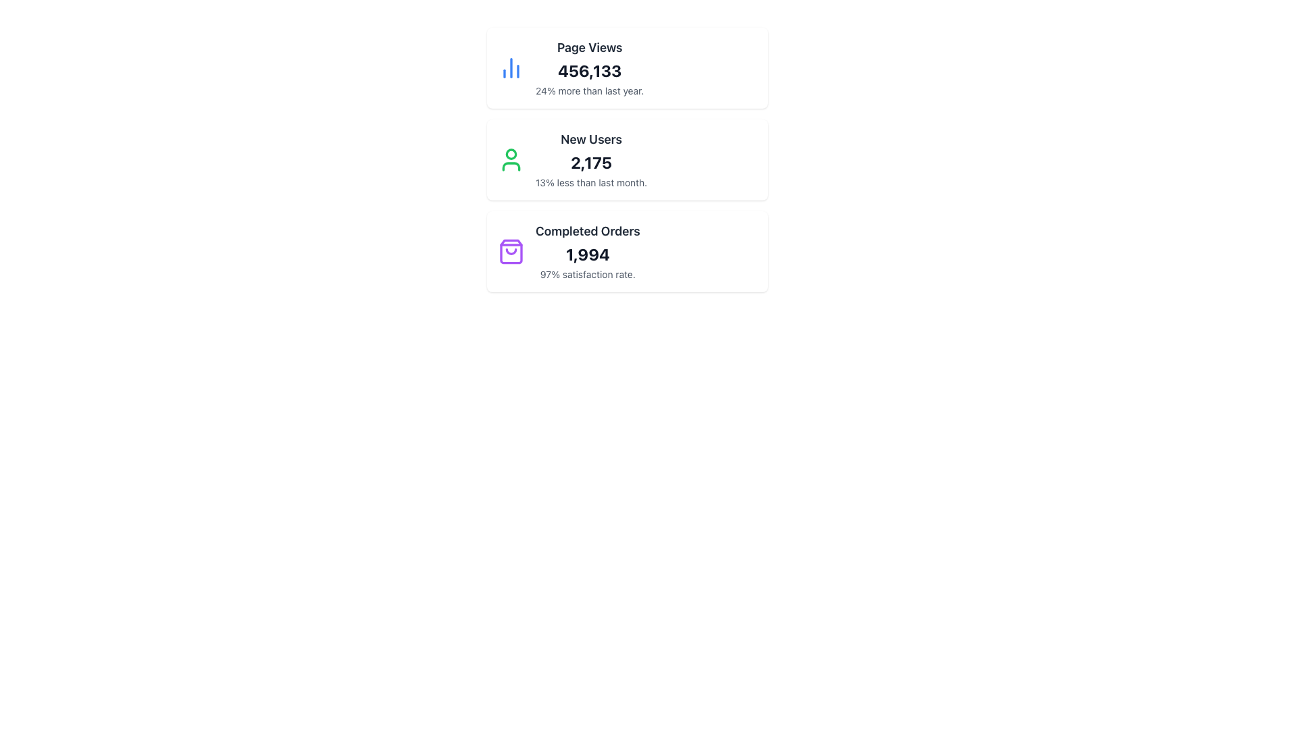  Describe the element at coordinates (588, 231) in the screenshot. I see `the text label reading 'Completed Orders', which is styled with a large bold font and dark gray color, positioned at the top of a statistical display group in the bottom section of the interface` at that location.